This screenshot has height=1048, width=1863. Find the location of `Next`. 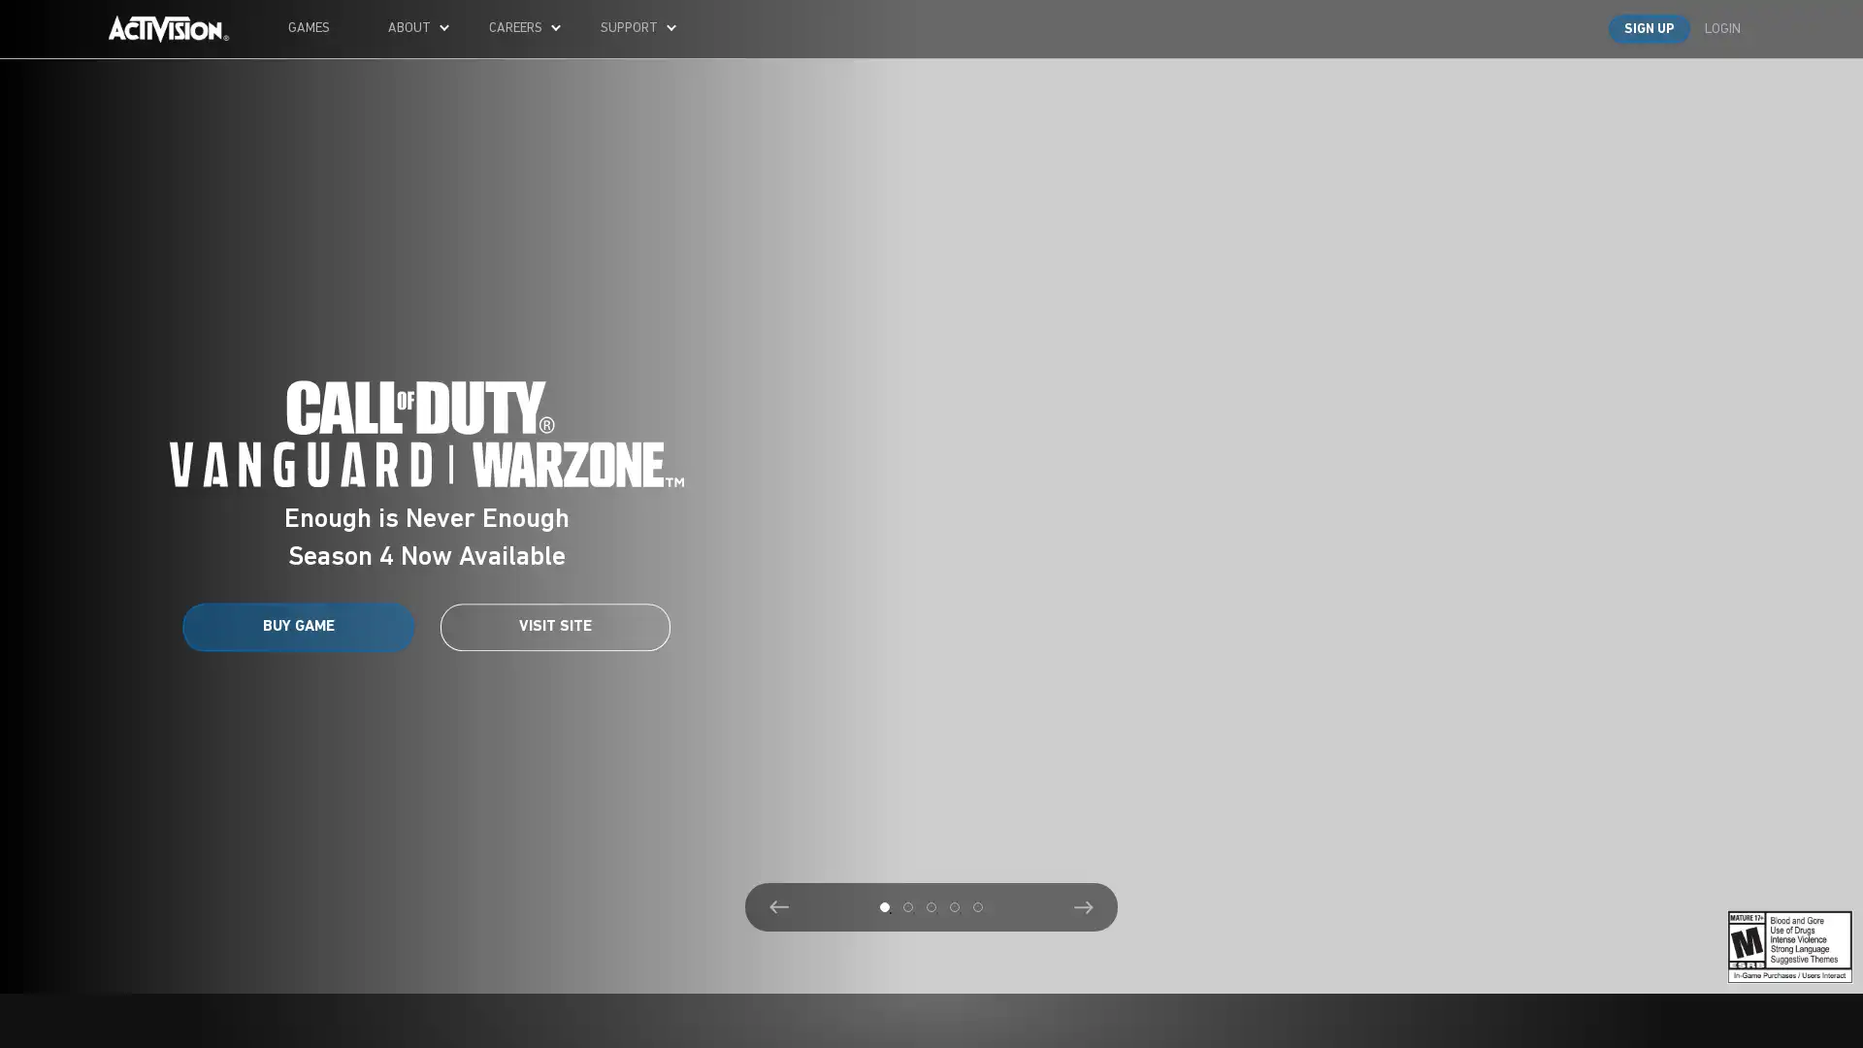

Next is located at coordinates (1082, 906).